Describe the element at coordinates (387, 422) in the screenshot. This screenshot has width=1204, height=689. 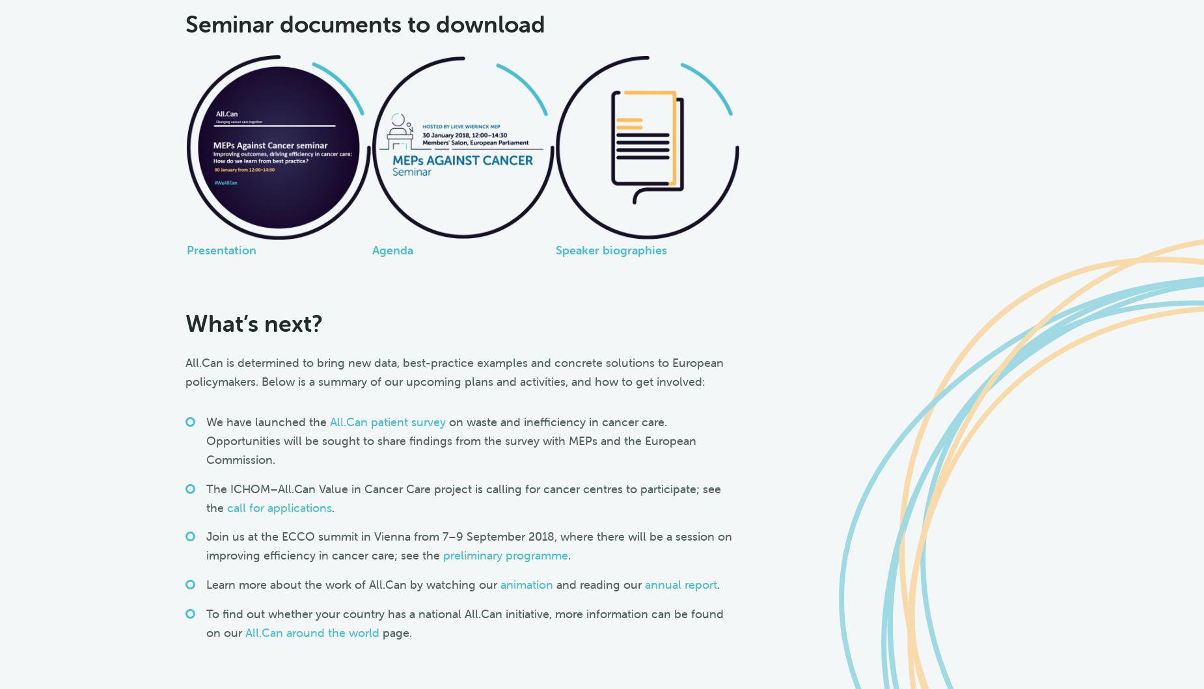
I see `'All.Can patient survey'` at that location.